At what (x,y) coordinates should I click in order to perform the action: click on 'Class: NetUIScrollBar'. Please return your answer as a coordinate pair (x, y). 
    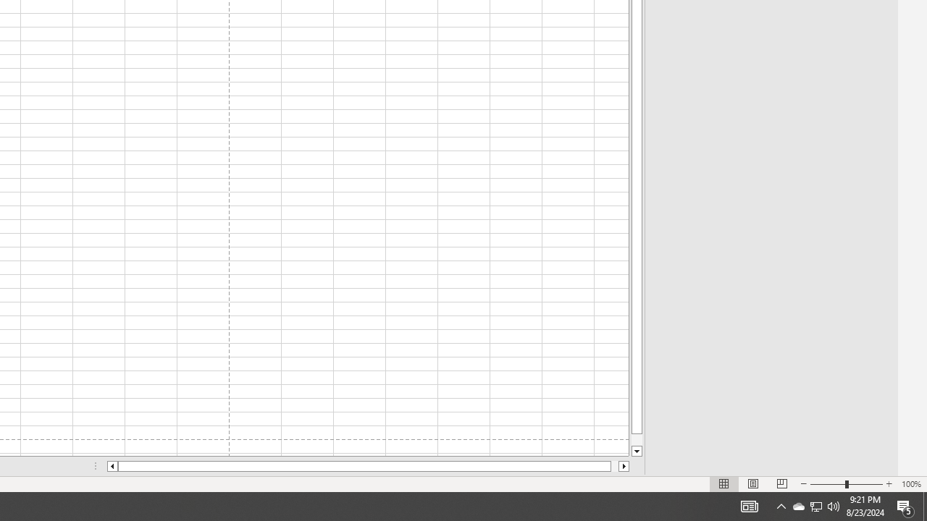
    Looking at the image, I should click on (368, 466).